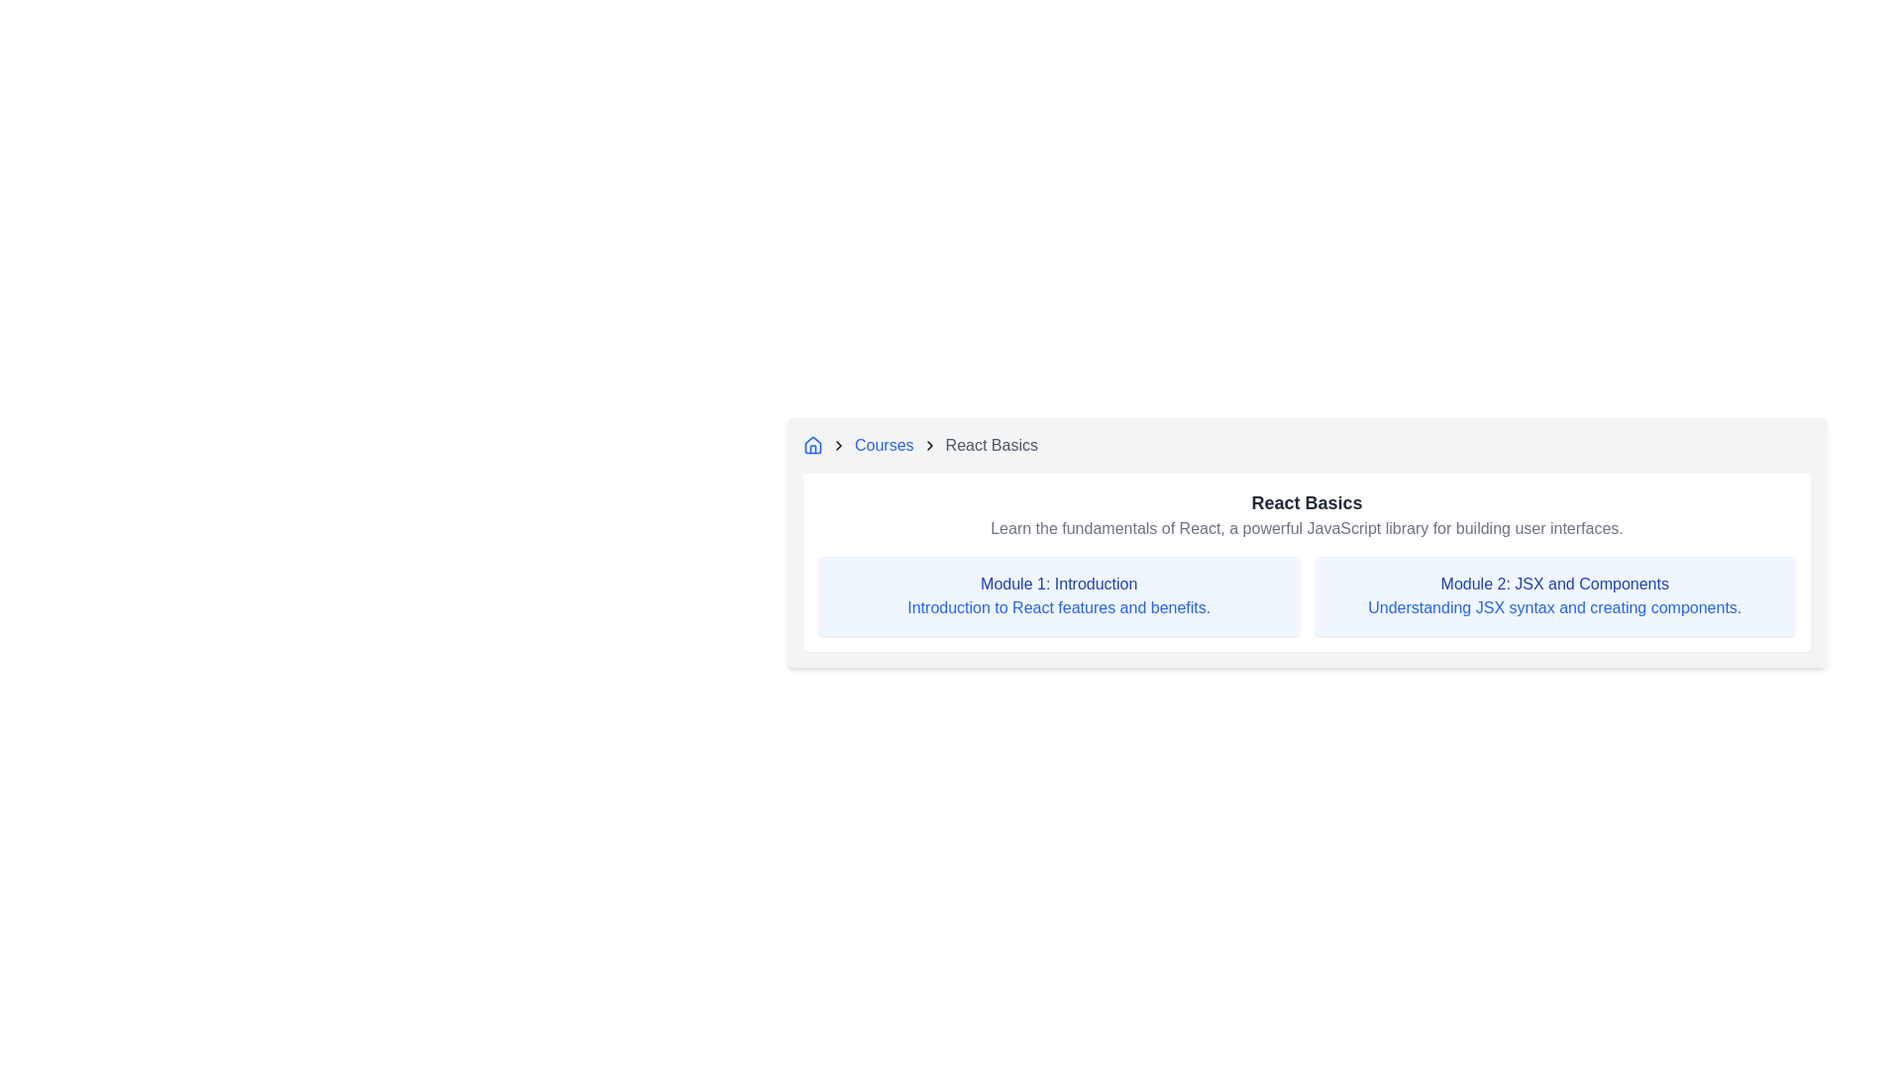  Describe the element at coordinates (812, 446) in the screenshot. I see `the home icon in the breadcrumb navigation bar` at that location.